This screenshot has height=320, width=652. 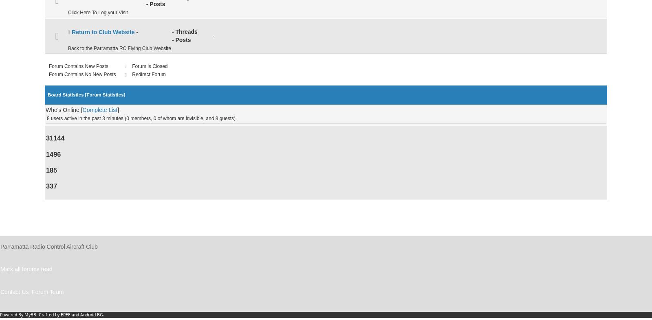 What do you see at coordinates (75, 314) in the screenshot?
I see `'and'` at bounding box center [75, 314].